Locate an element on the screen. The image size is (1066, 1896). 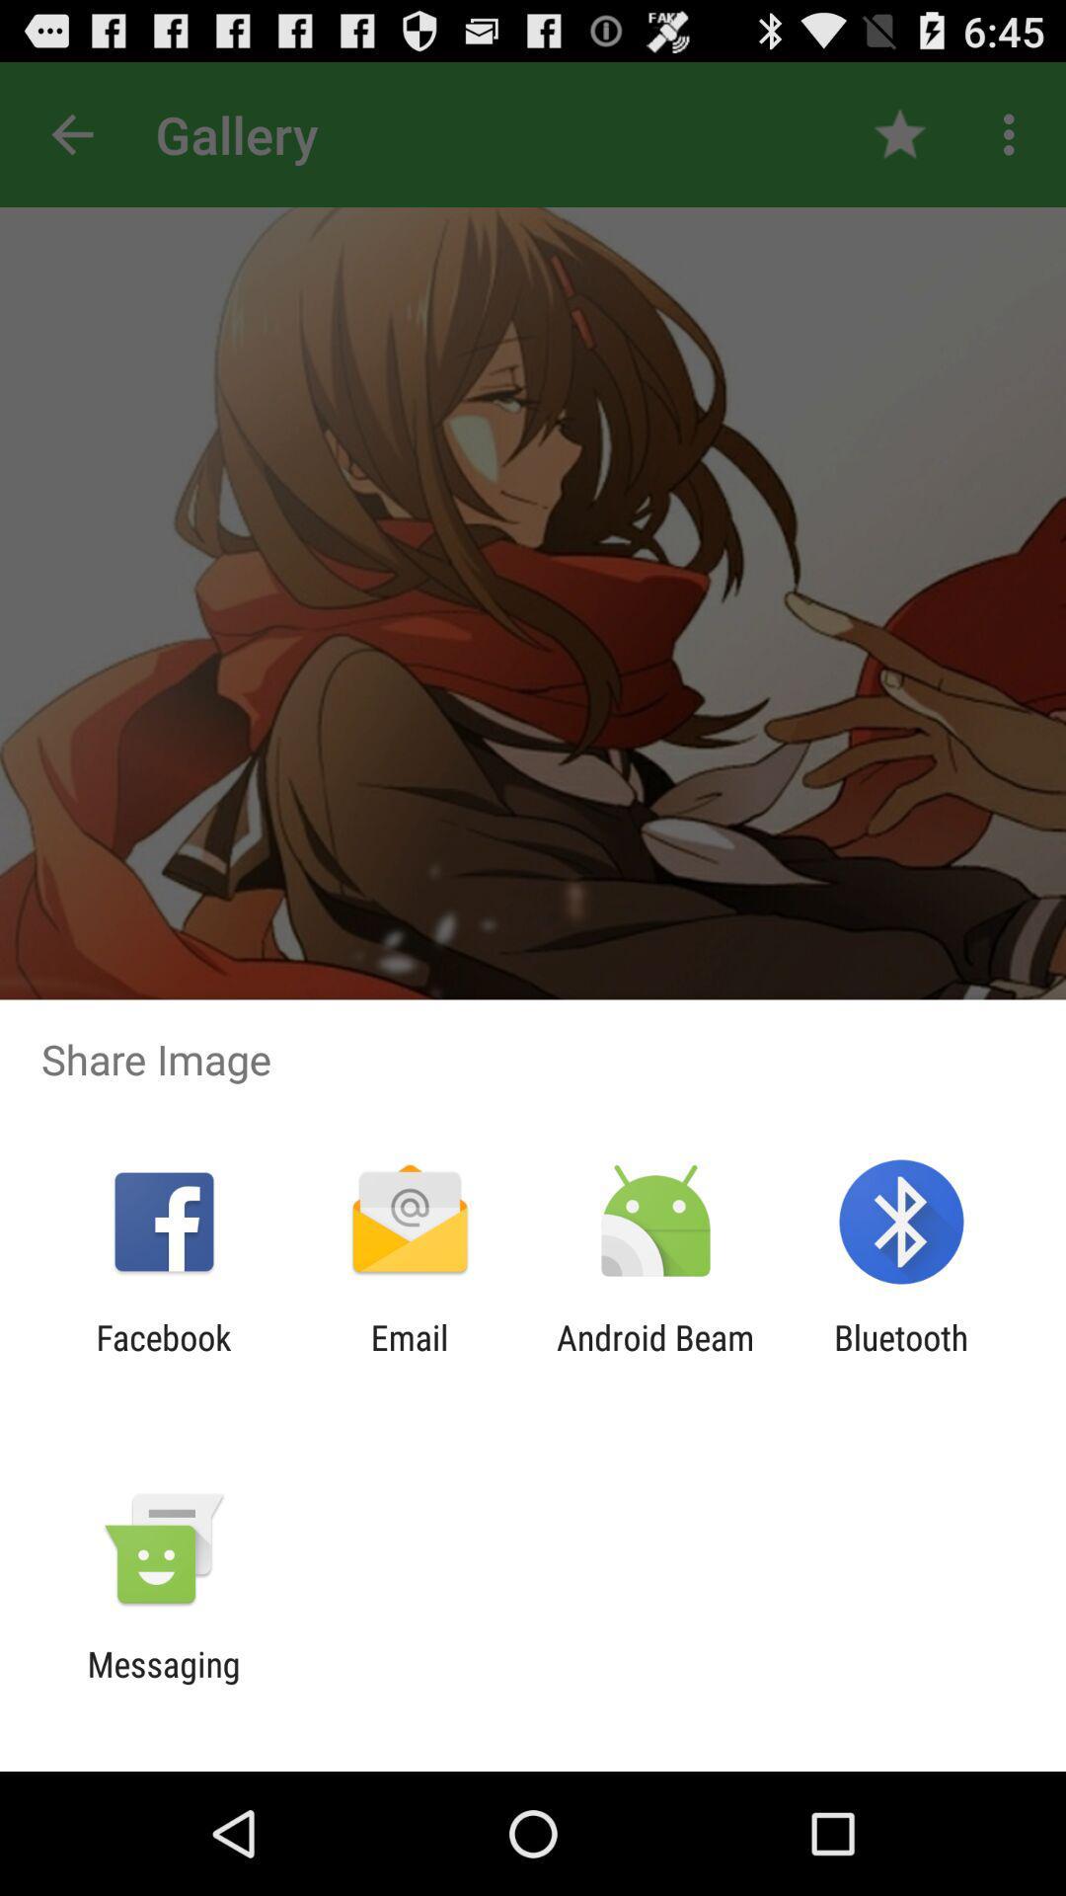
app to the left of the email is located at coordinates (163, 1357).